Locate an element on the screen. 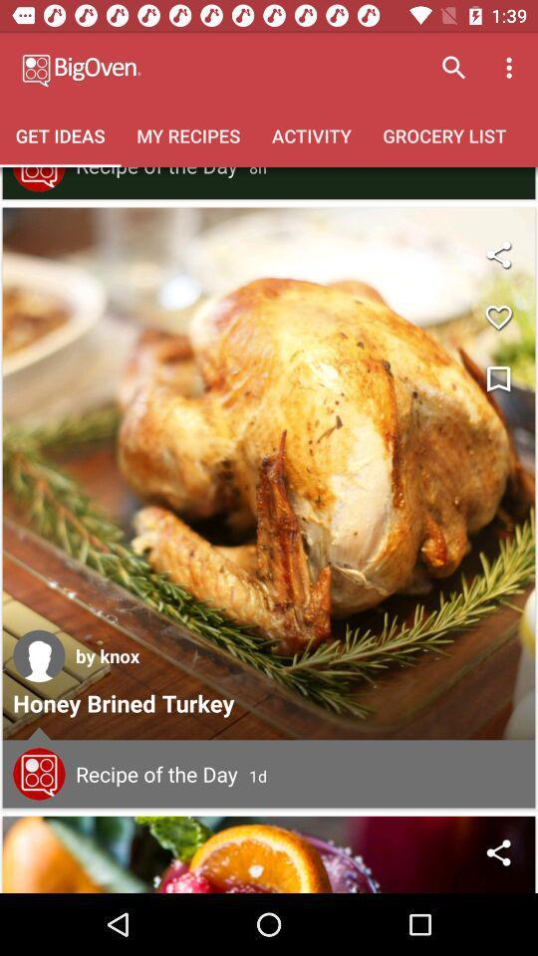 This screenshot has width=538, height=956. bookmark recipe is located at coordinates (497, 378).